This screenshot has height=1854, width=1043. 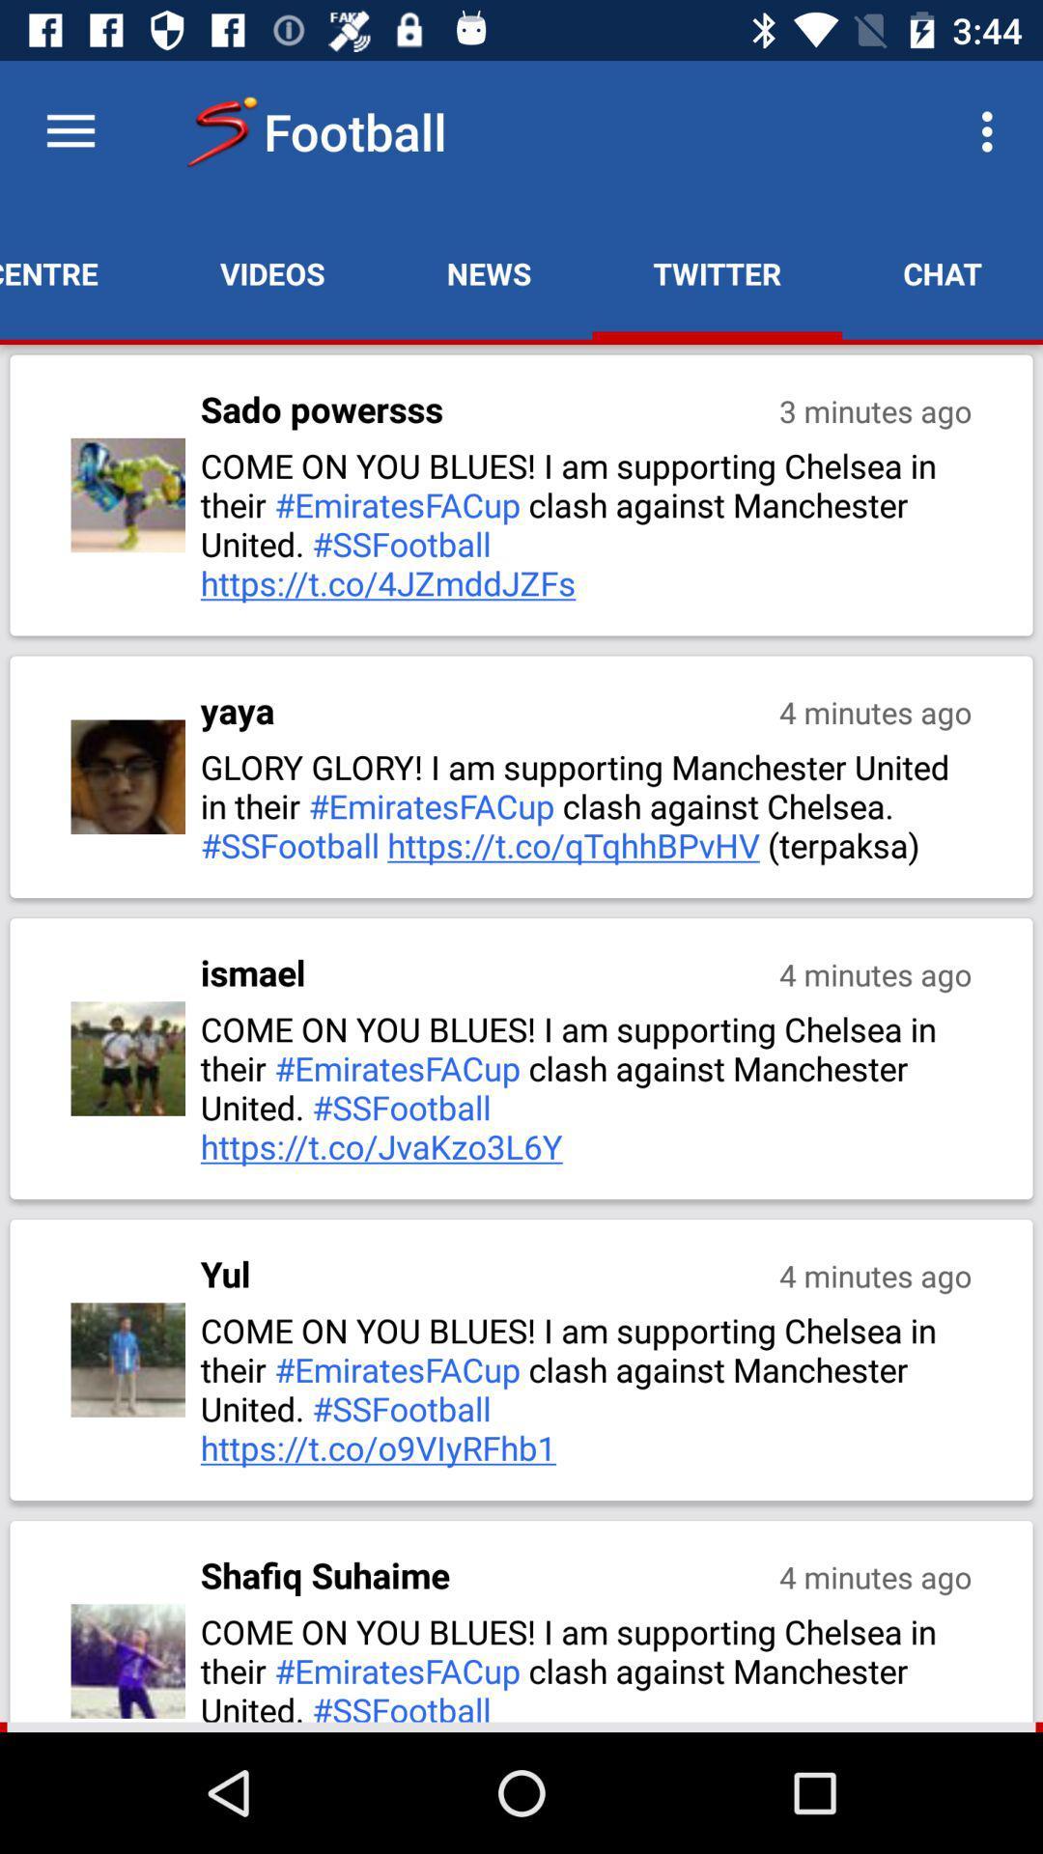 I want to click on the item next to videos app, so click(x=78, y=272).